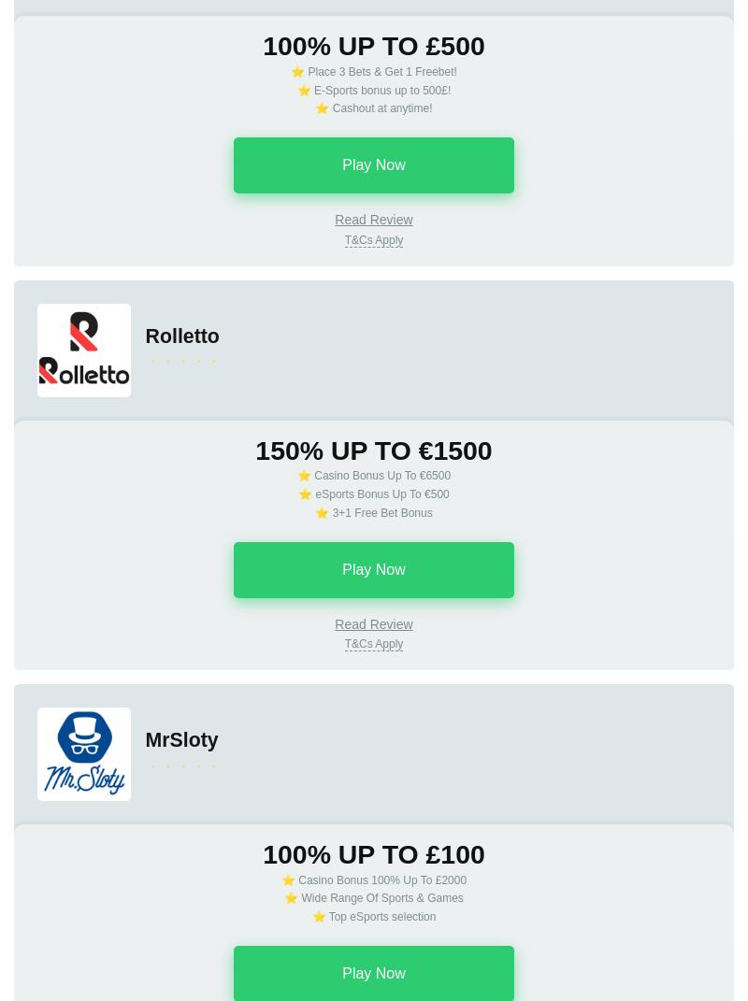 This screenshot has height=1001, width=748. Describe the element at coordinates (145, 335) in the screenshot. I see `'Rolletto'` at that location.